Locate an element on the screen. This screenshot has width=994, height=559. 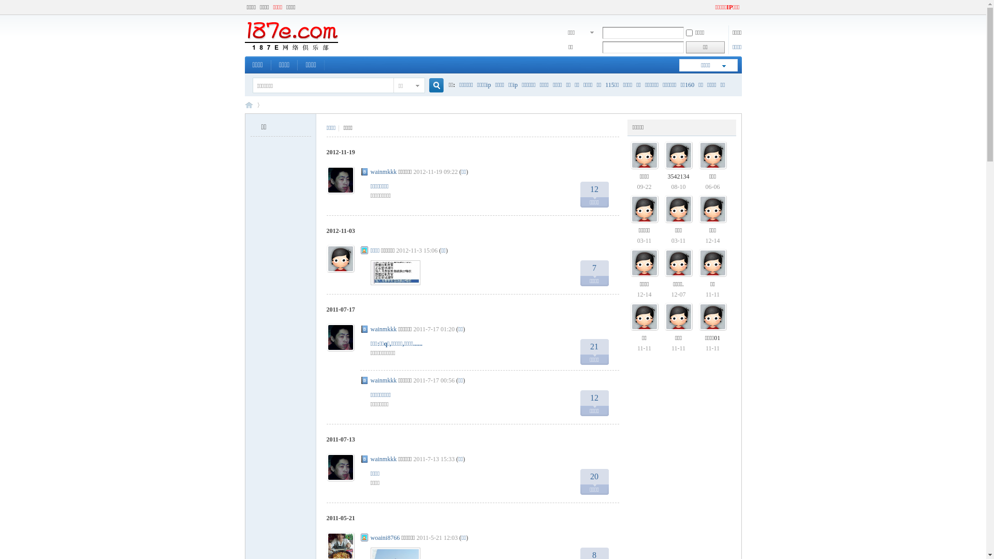
'woaini8766' is located at coordinates (385, 537).